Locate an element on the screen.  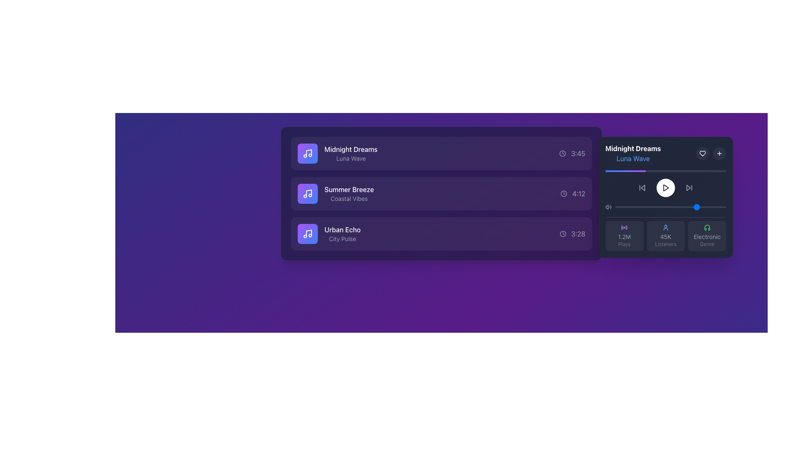
the play button located on the song detail widget displaying information about 'Midnight Dreams - Luna Wave' is located at coordinates (665, 197).